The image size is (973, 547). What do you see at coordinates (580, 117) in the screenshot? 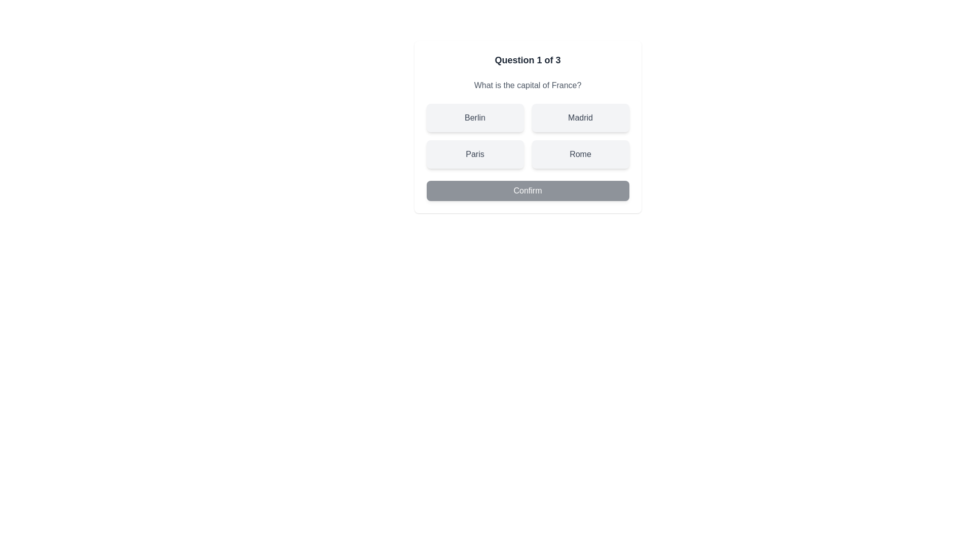
I see `the quiz option Madrid by clicking on it` at bounding box center [580, 117].